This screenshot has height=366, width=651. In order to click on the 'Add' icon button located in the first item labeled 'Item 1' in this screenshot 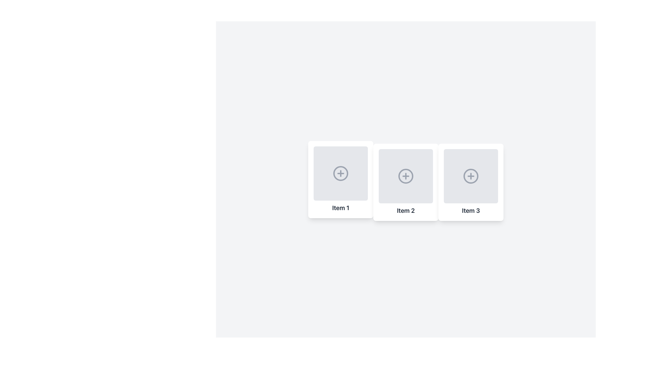, I will do `click(340, 172)`.